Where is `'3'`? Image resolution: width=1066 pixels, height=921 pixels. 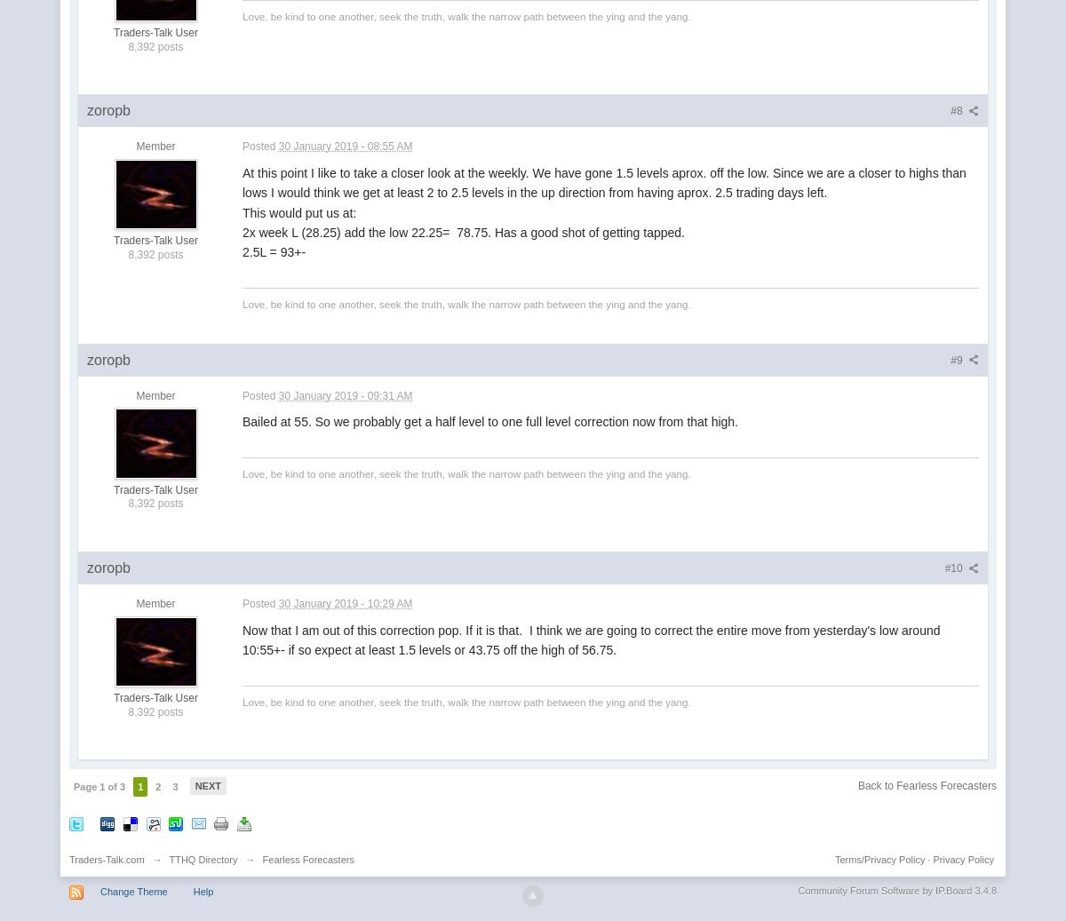 '3' is located at coordinates (174, 787).